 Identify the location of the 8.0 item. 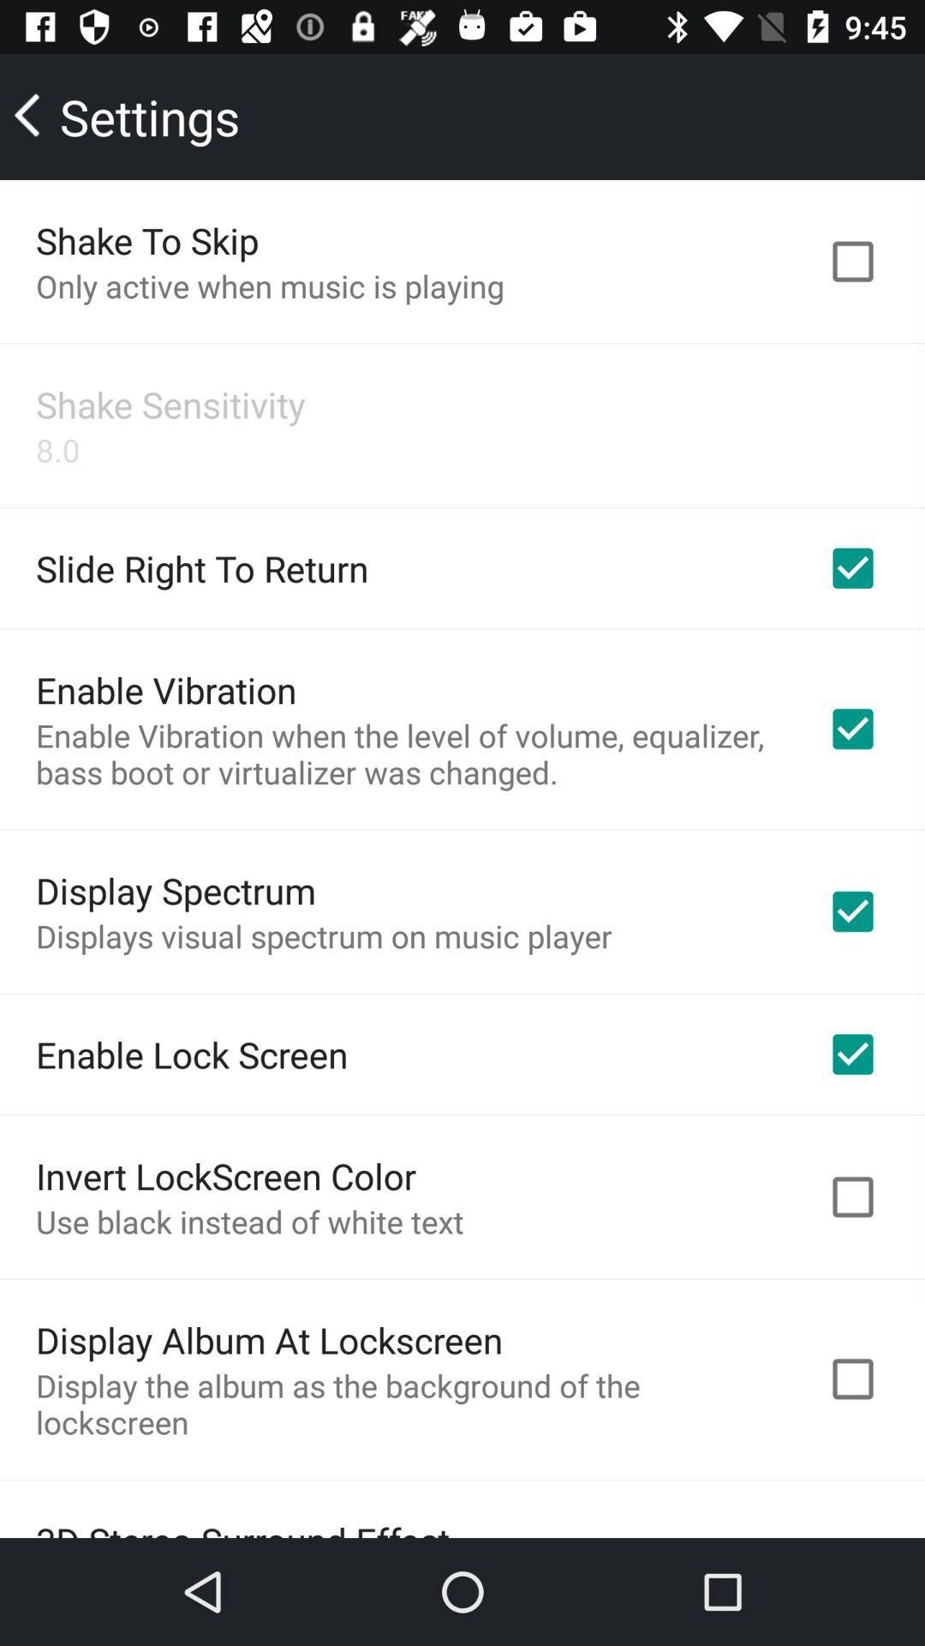
(57, 449).